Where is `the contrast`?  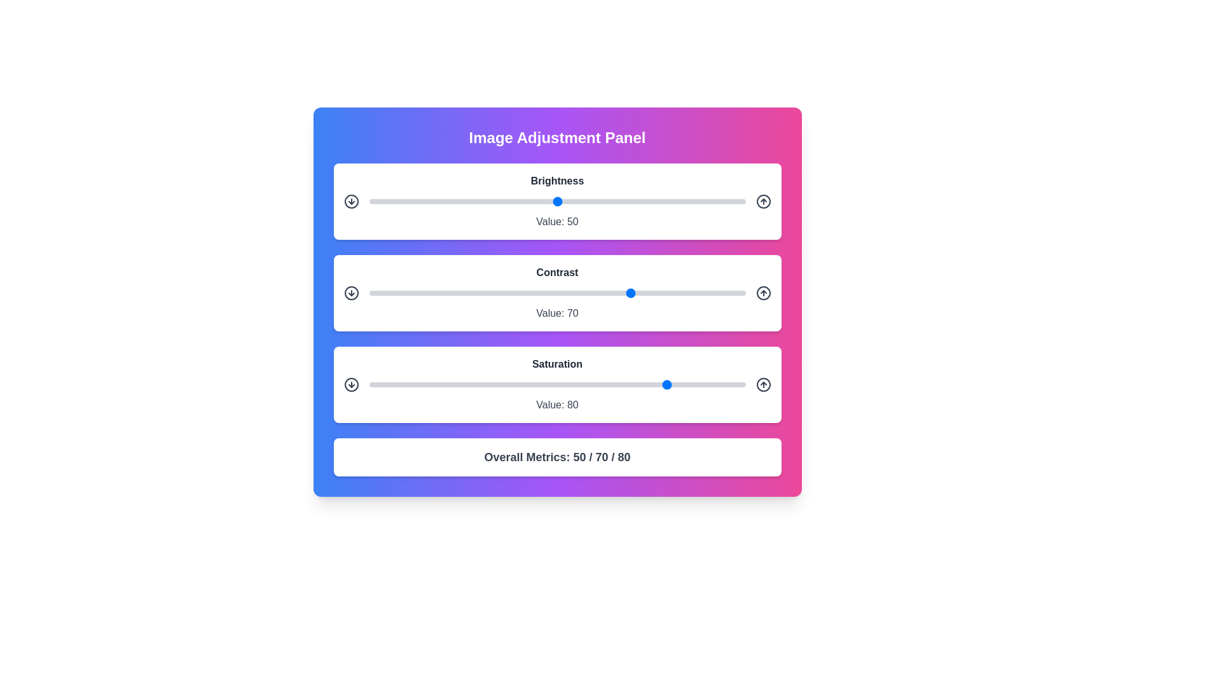
the contrast is located at coordinates (425, 293).